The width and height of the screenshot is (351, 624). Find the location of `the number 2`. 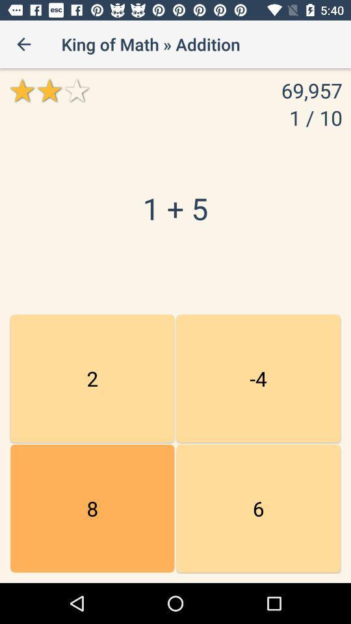

the number 2 is located at coordinates (92, 378).